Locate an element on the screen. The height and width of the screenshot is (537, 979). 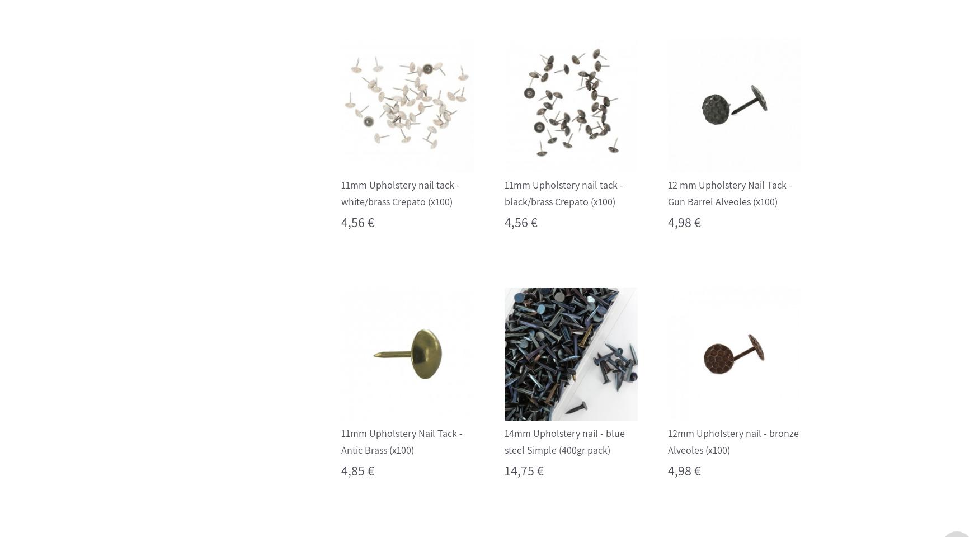
'12mm Upholstery nail - bronze Alveoles (x100)' is located at coordinates (732, 441).